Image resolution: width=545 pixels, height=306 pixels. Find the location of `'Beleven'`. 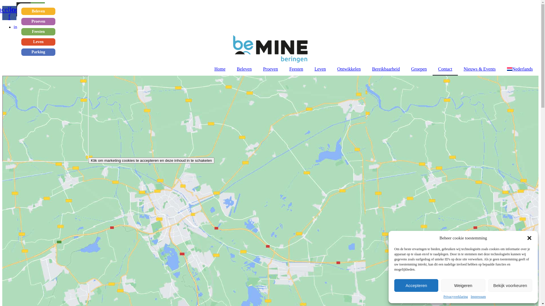

'Beleven' is located at coordinates (38, 11).